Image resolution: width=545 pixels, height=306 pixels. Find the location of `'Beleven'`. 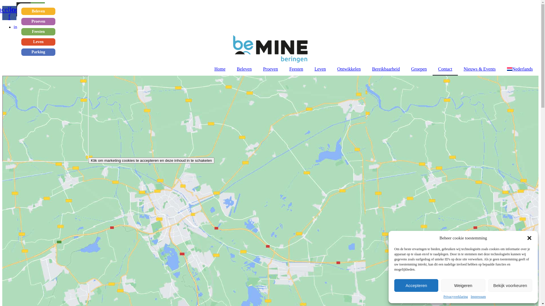

'Beleven' is located at coordinates (38, 11).